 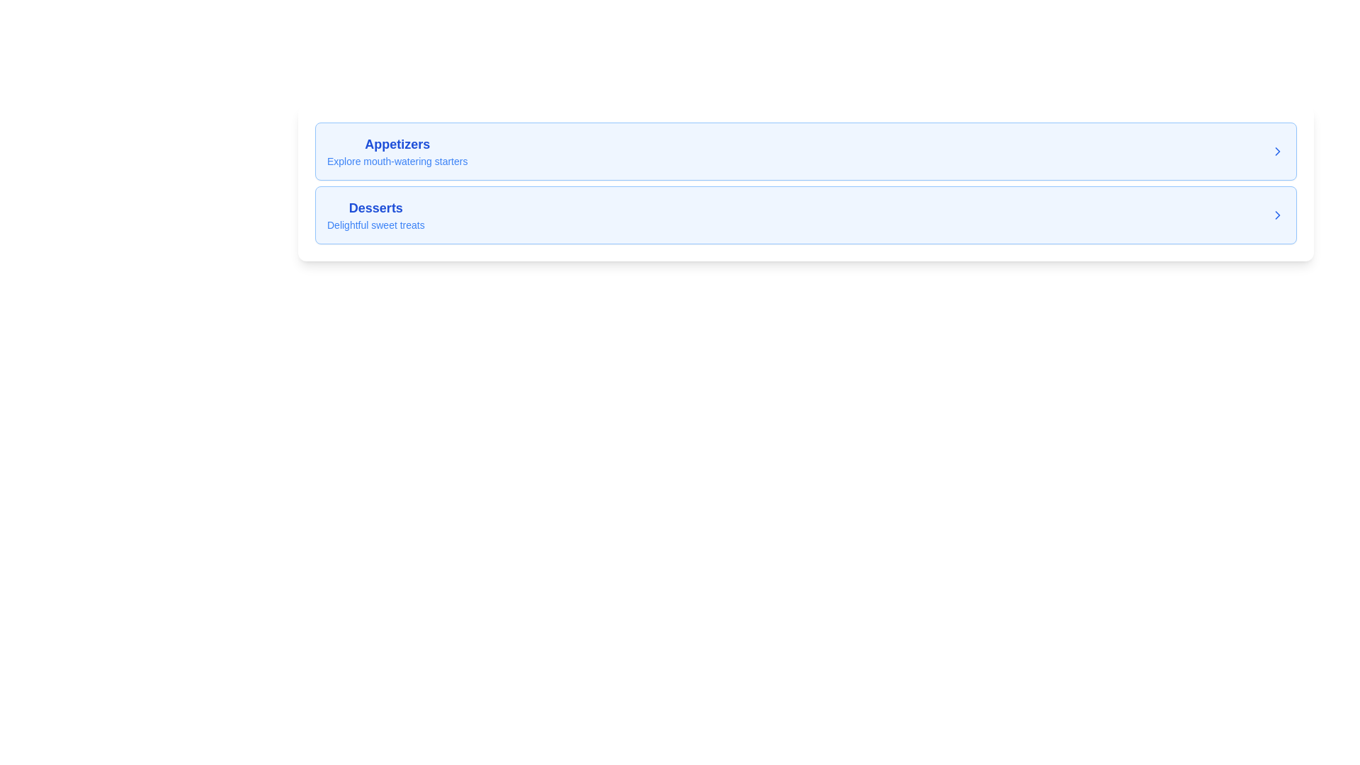 What do you see at coordinates (375, 208) in the screenshot?
I see `the 'Desserts' header text element` at bounding box center [375, 208].